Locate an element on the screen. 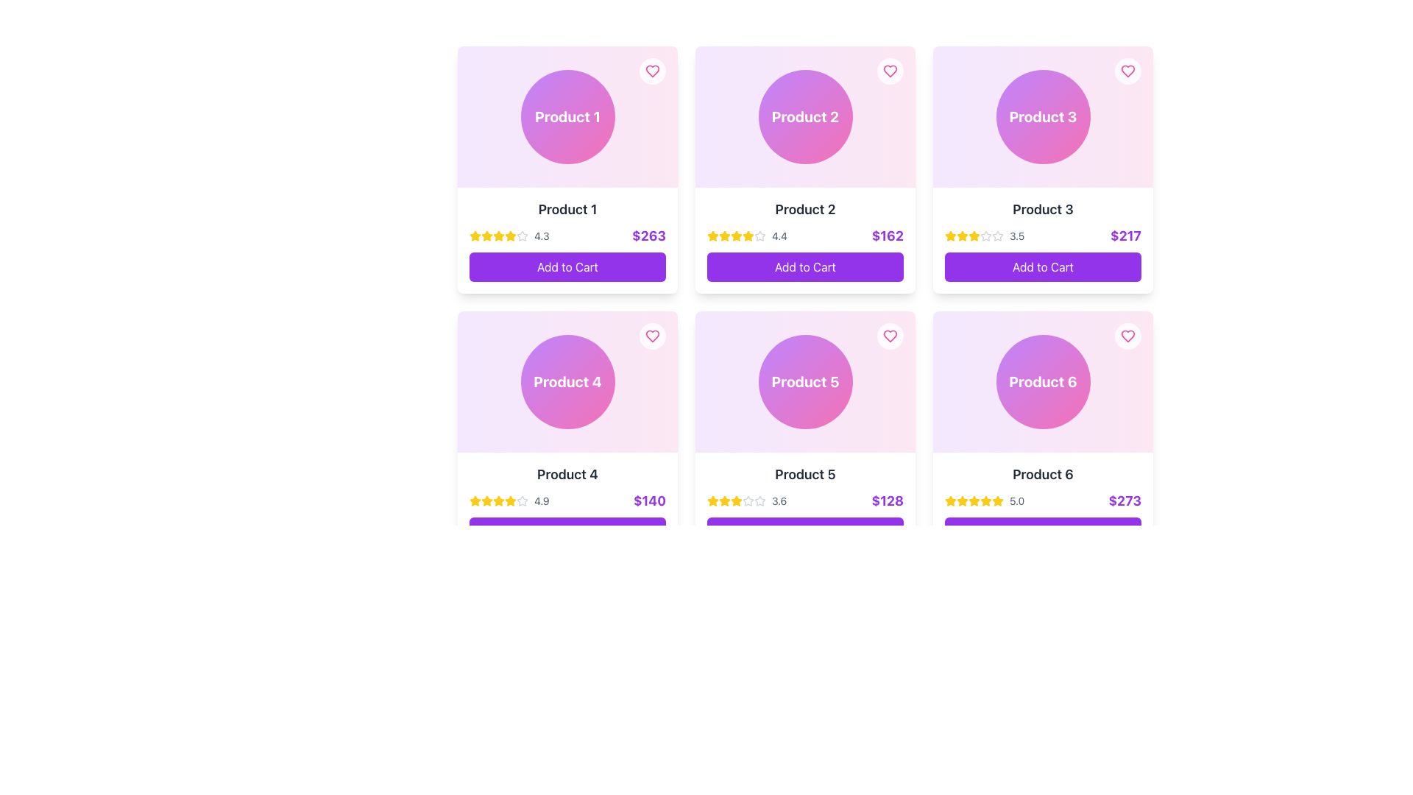 This screenshot has width=1413, height=795. the rating display for 'Product 5', which shows a score of '3.6' with yellow and gray stars indicating the rating is located at coordinates (747, 501).